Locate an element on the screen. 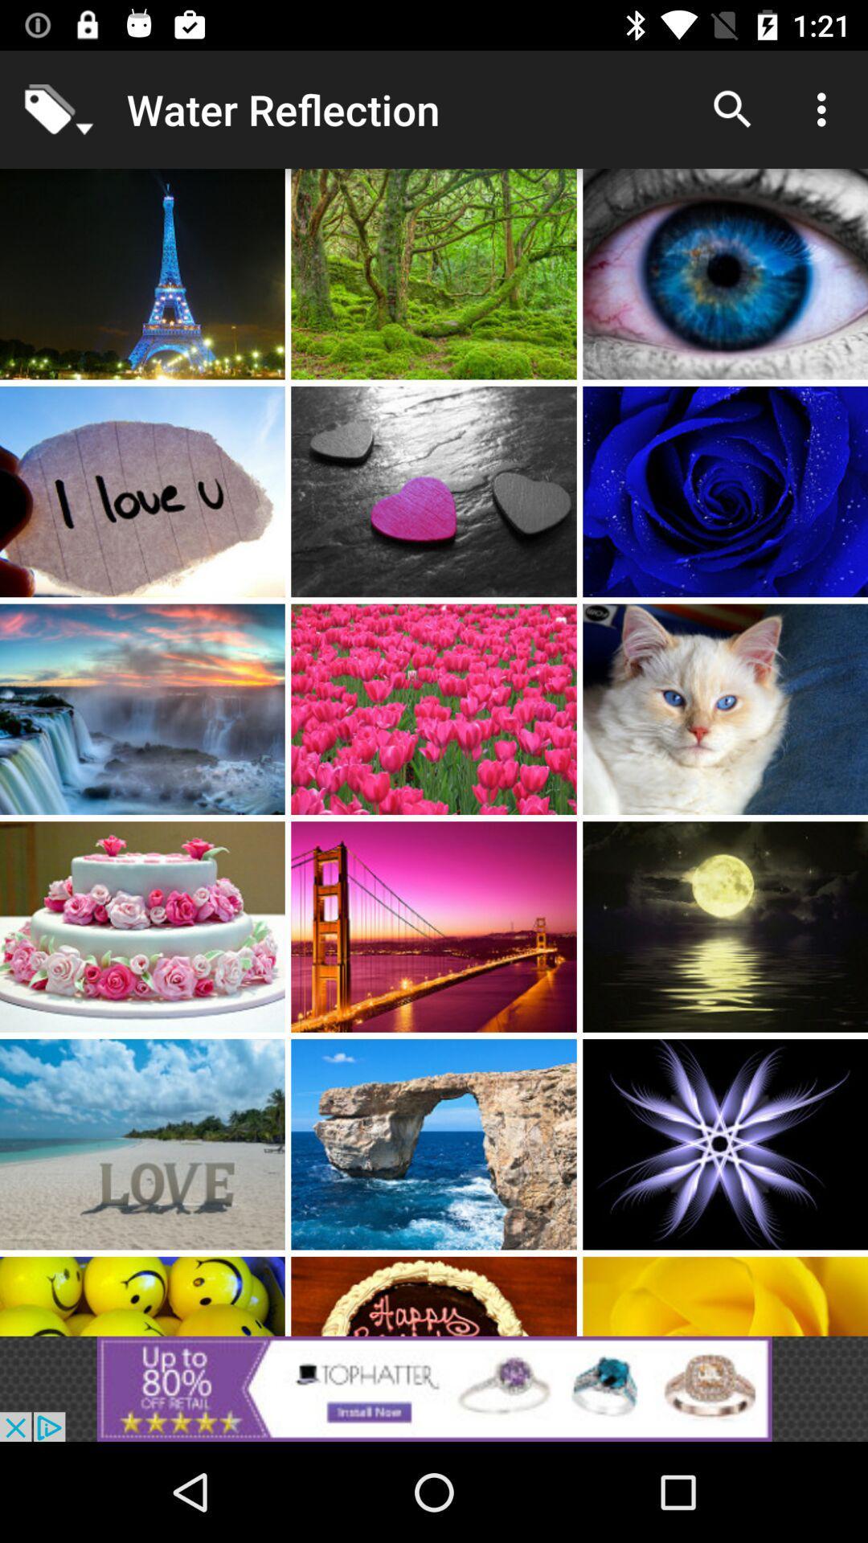 The height and width of the screenshot is (1543, 868). google advertisements is located at coordinates (434, 1388).